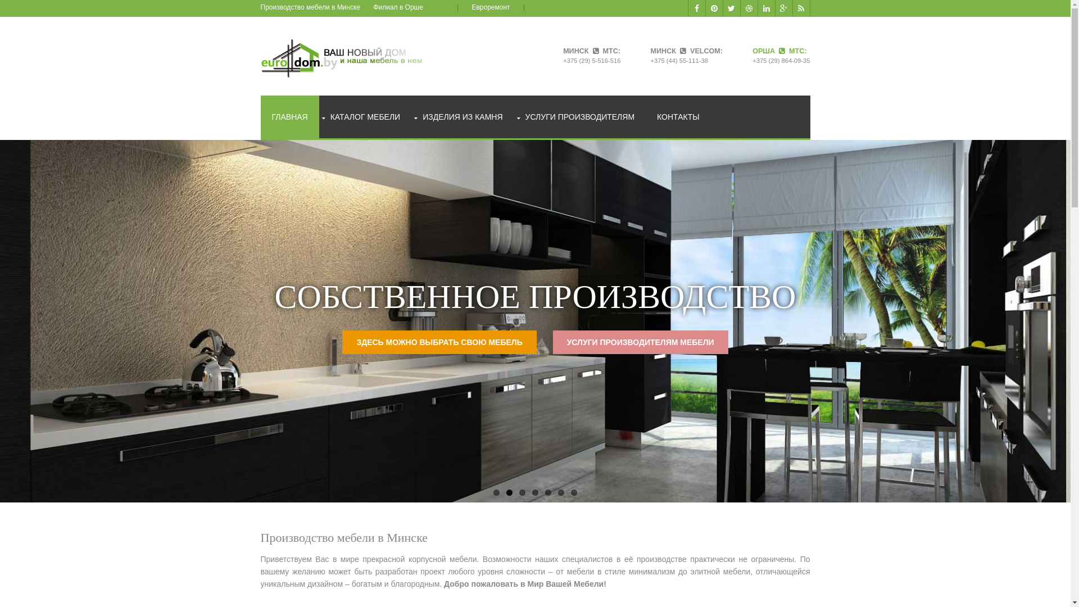 Image resolution: width=1079 pixels, height=607 pixels. I want to click on '2', so click(509, 492).